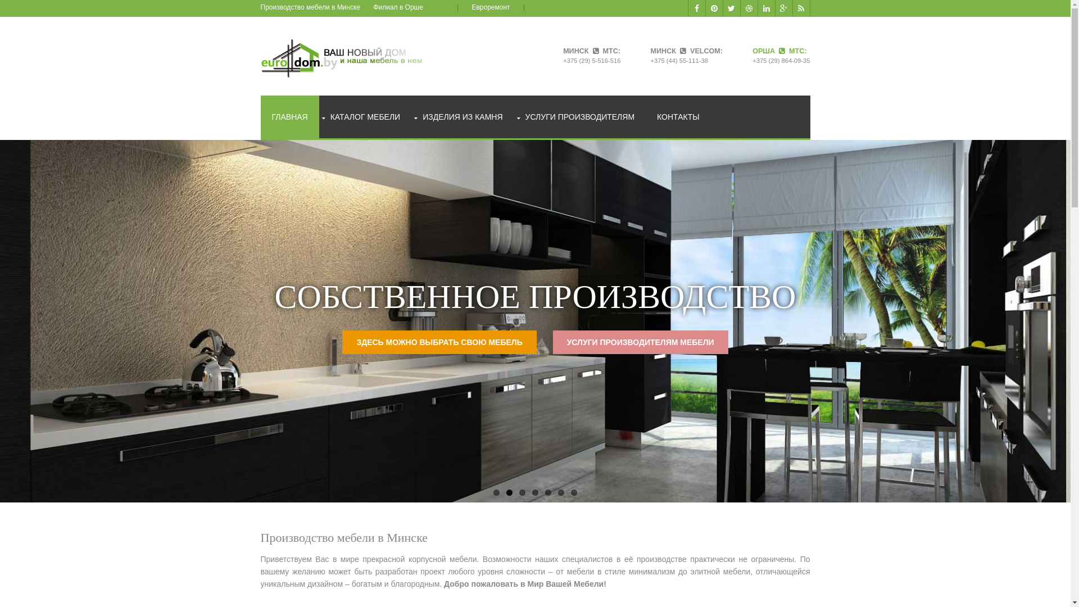 Image resolution: width=1079 pixels, height=607 pixels. I want to click on '2', so click(509, 492).